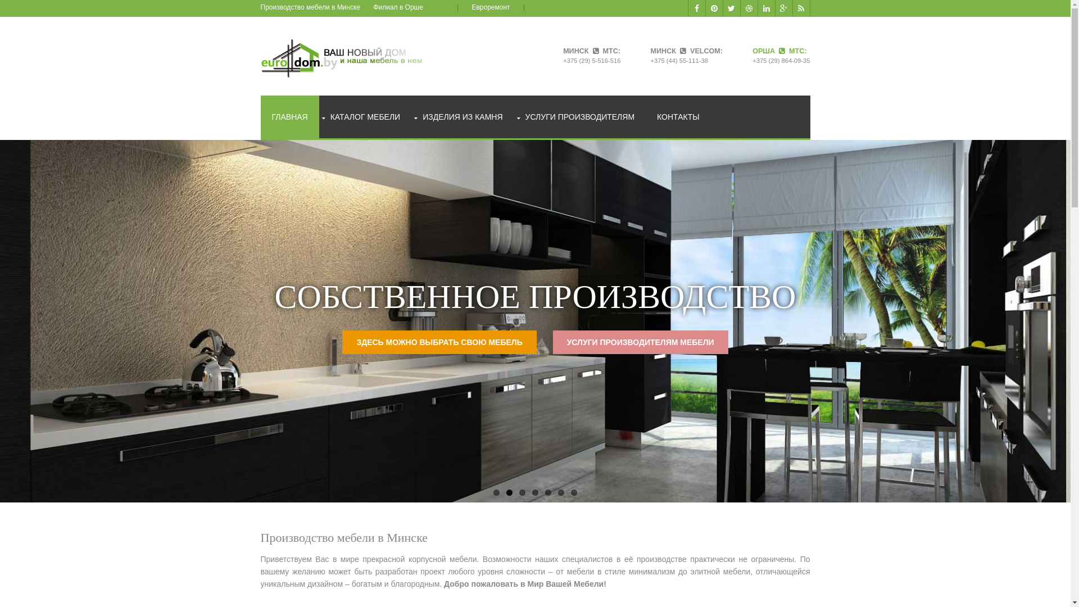 Image resolution: width=1079 pixels, height=607 pixels. I want to click on '2', so click(509, 492).